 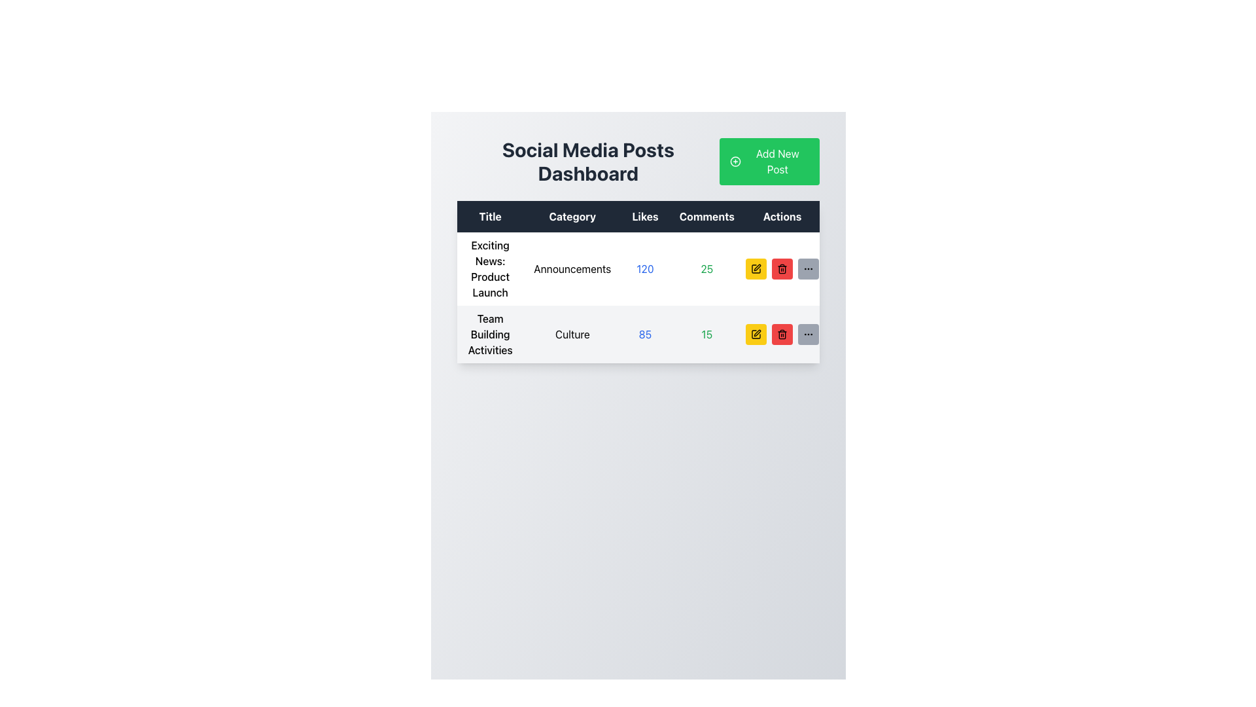 I want to click on the delete button in the Actions column of the table, so click(x=782, y=268).